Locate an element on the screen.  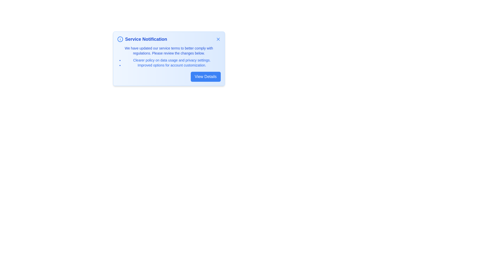
the 'View Details' button to navigate to more information about the updates is located at coordinates (205, 77).